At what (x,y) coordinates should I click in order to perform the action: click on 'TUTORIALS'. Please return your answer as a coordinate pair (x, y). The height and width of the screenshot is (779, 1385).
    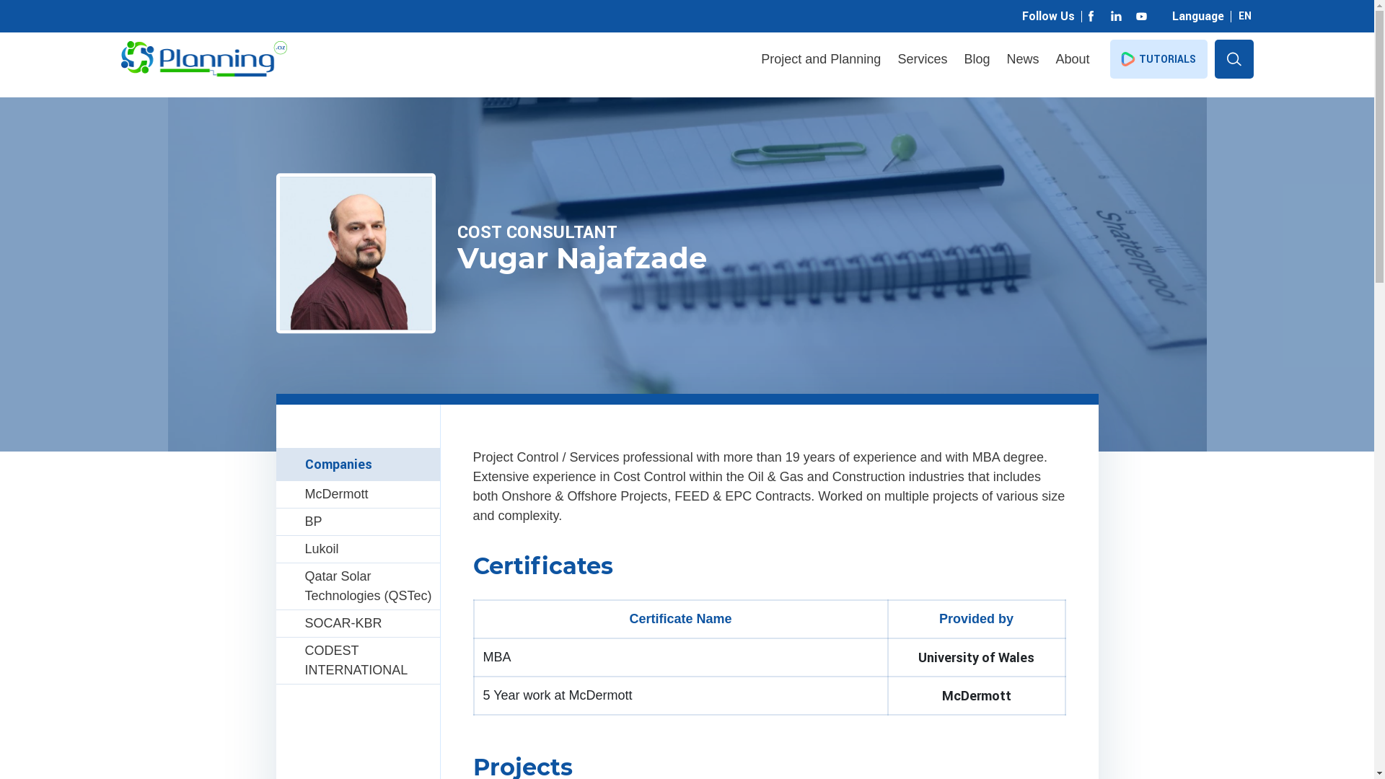
    Looking at the image, I should click on (1158, 58).